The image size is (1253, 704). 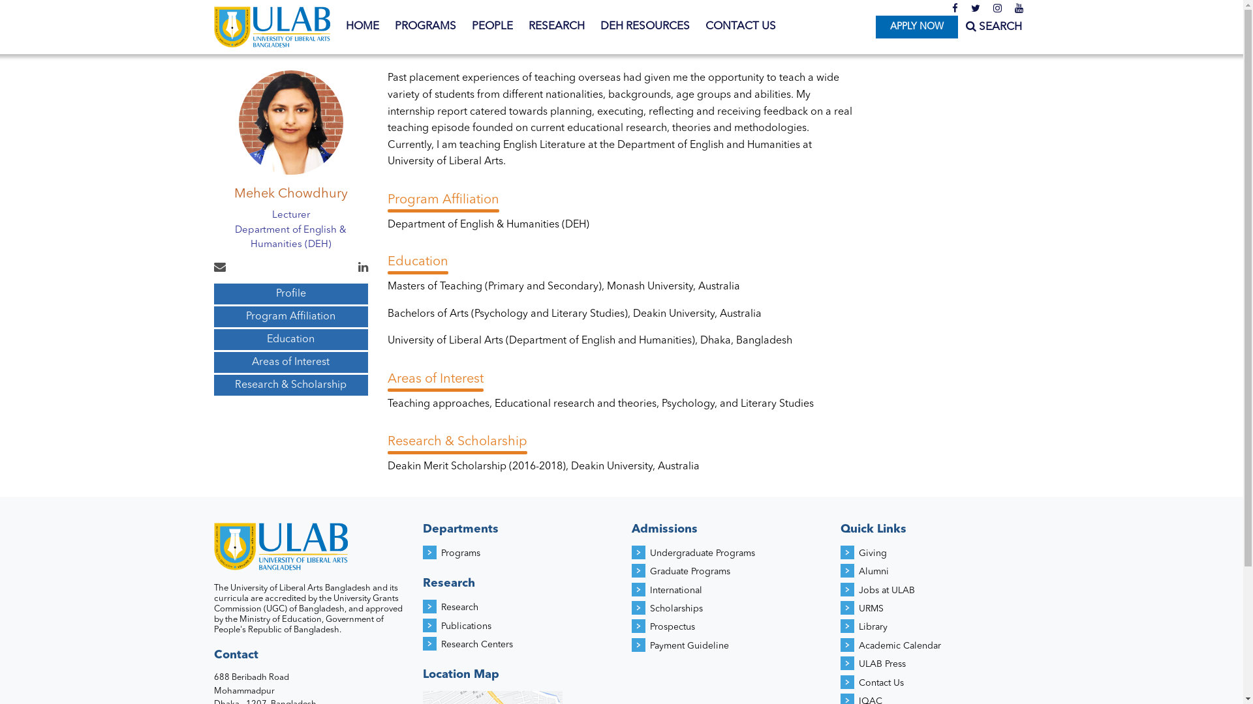 What do you see at coordinates (874, 570) in the screenshot?
I see `'Alumni'` at bounding box center [874, 570].